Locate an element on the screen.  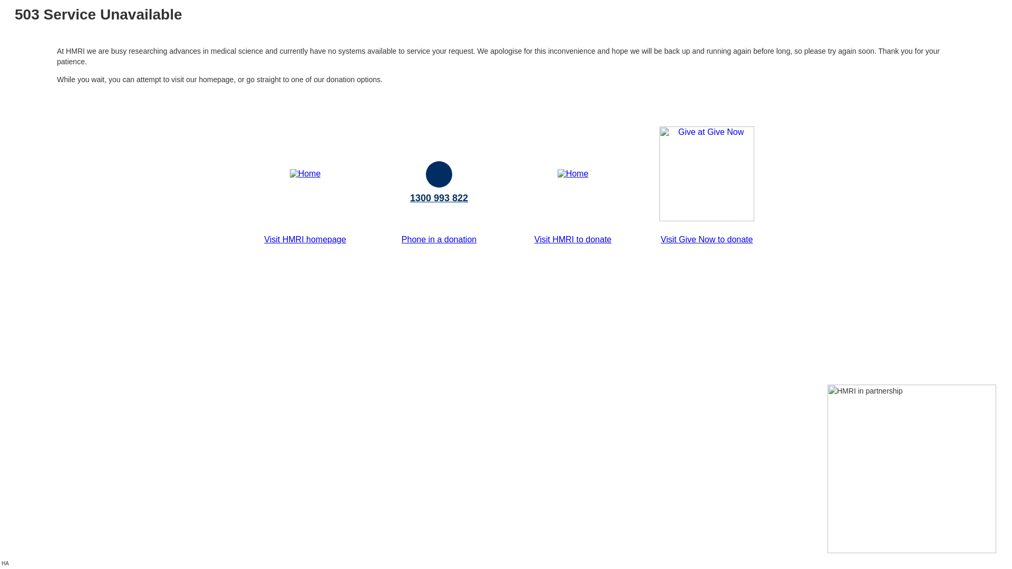
'Visit HMRI to donate' is located at coordinates (572, 239).